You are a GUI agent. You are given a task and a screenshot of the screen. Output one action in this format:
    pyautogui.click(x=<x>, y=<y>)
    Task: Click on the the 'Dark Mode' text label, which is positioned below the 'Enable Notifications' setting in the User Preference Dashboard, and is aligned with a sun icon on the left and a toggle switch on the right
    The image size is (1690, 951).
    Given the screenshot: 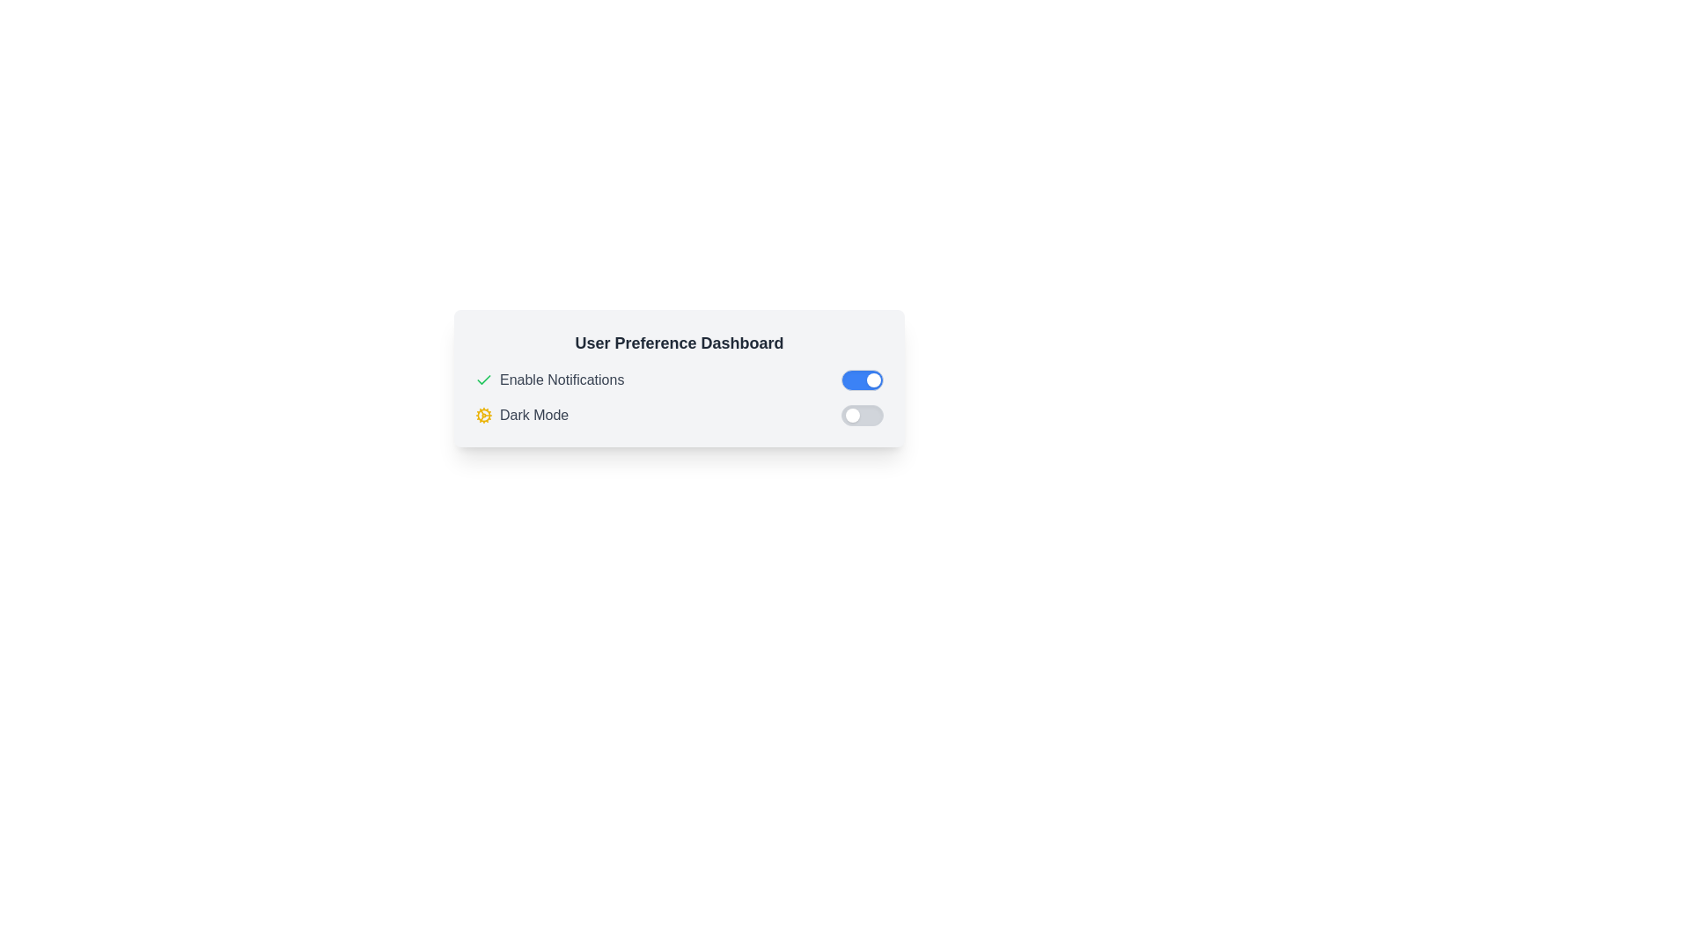 What is the action you would take?
    pyautogui.click(x=533, y=415)
    